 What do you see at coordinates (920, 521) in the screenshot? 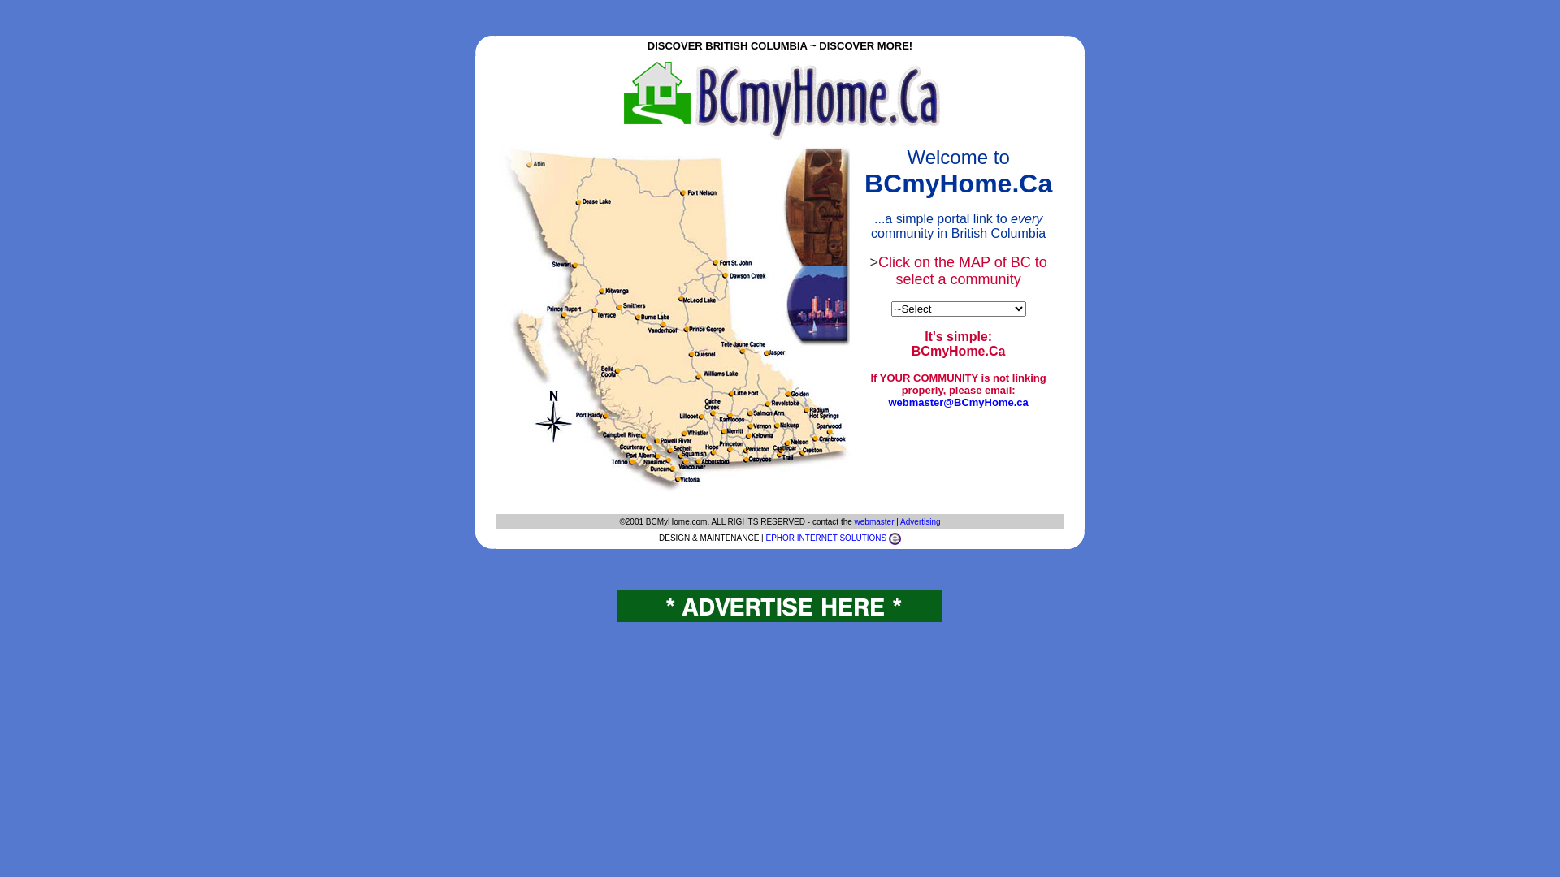
I see `'Advertising'` at bounding box center [920, 521].